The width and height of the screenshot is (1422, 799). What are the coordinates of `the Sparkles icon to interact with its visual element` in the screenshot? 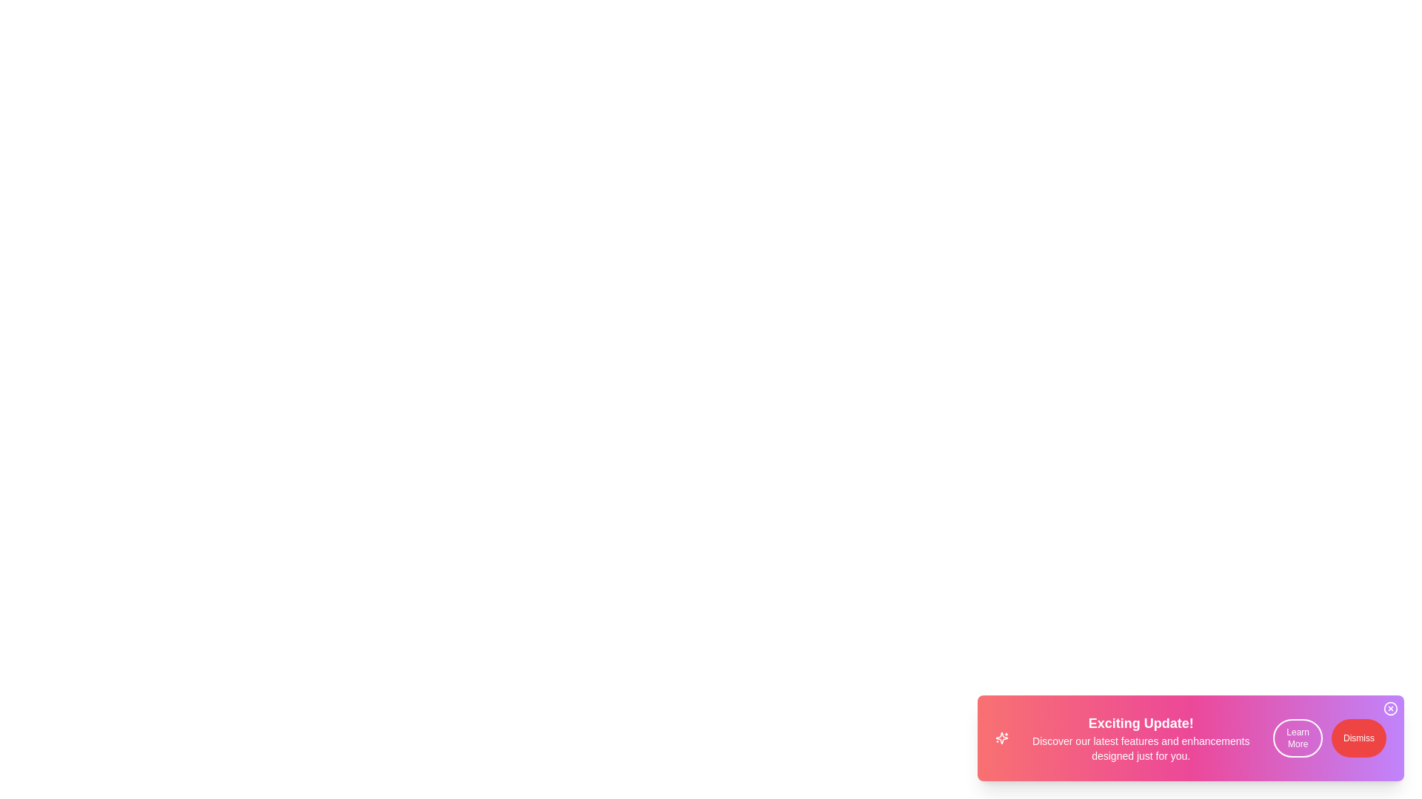 It's located at (1002, 738).